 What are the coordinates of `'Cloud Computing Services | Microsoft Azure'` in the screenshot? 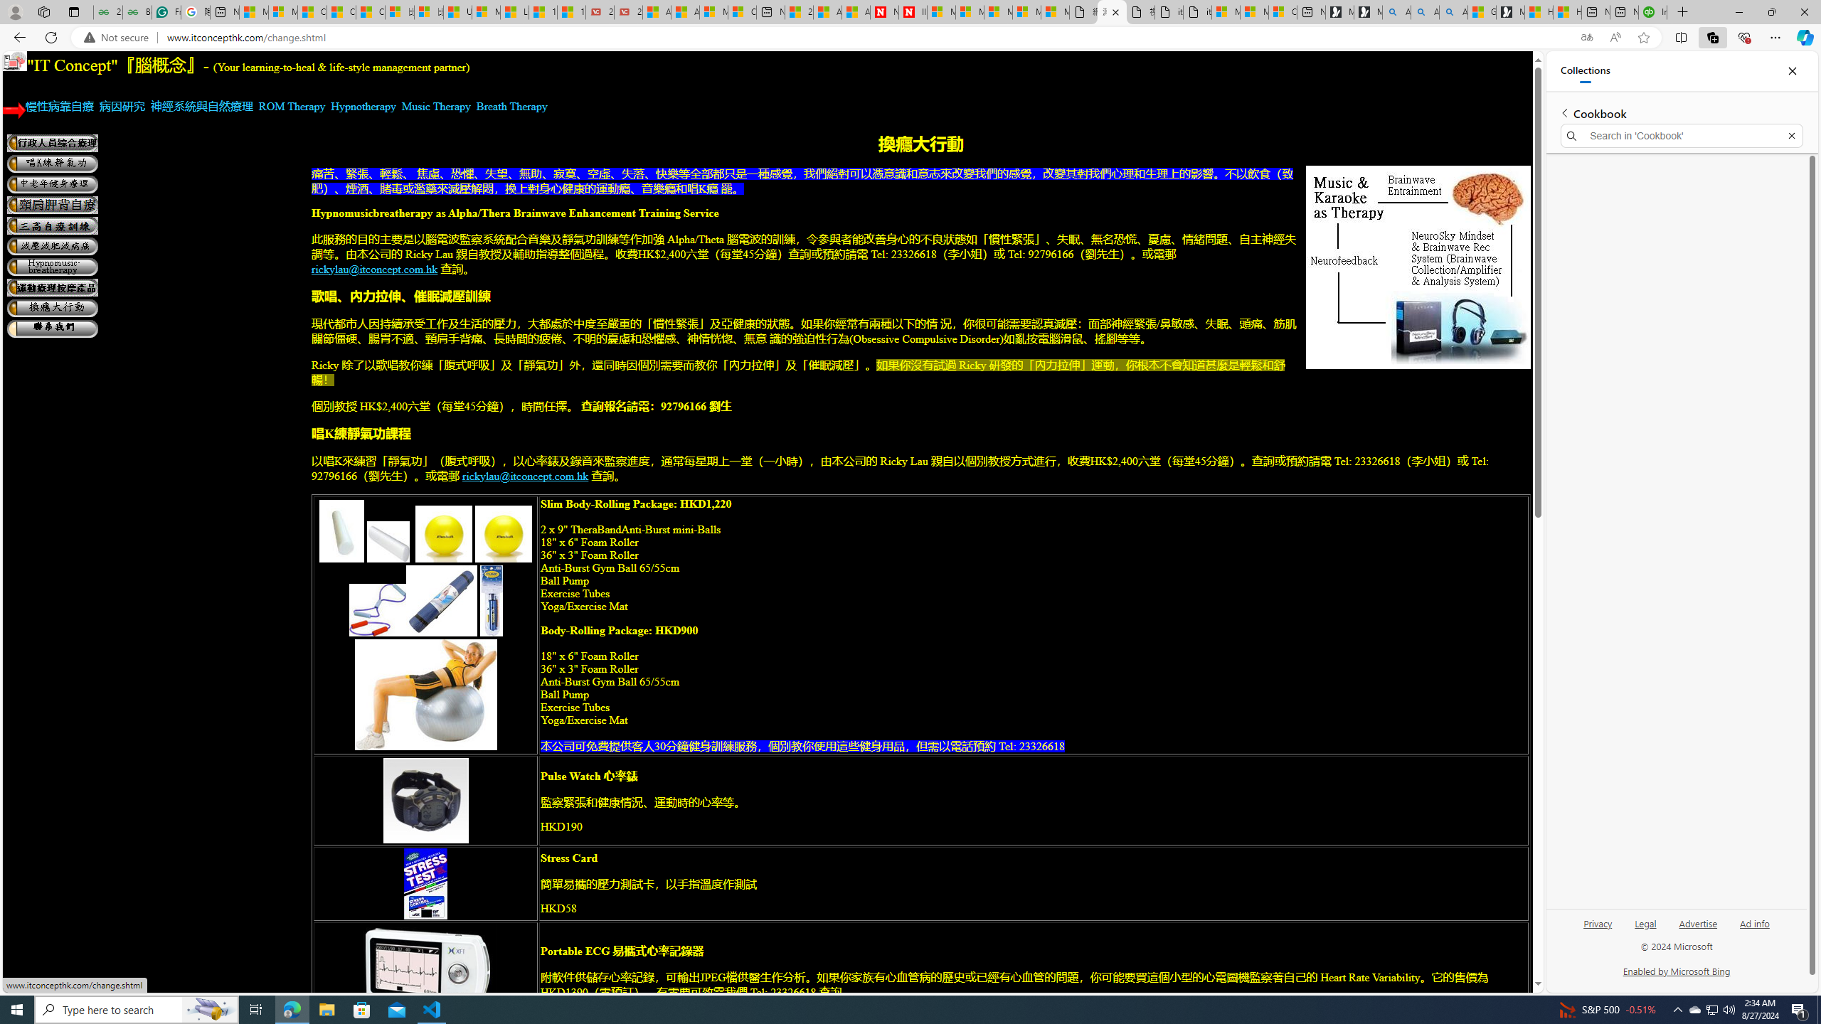 It's located at (742, 11).